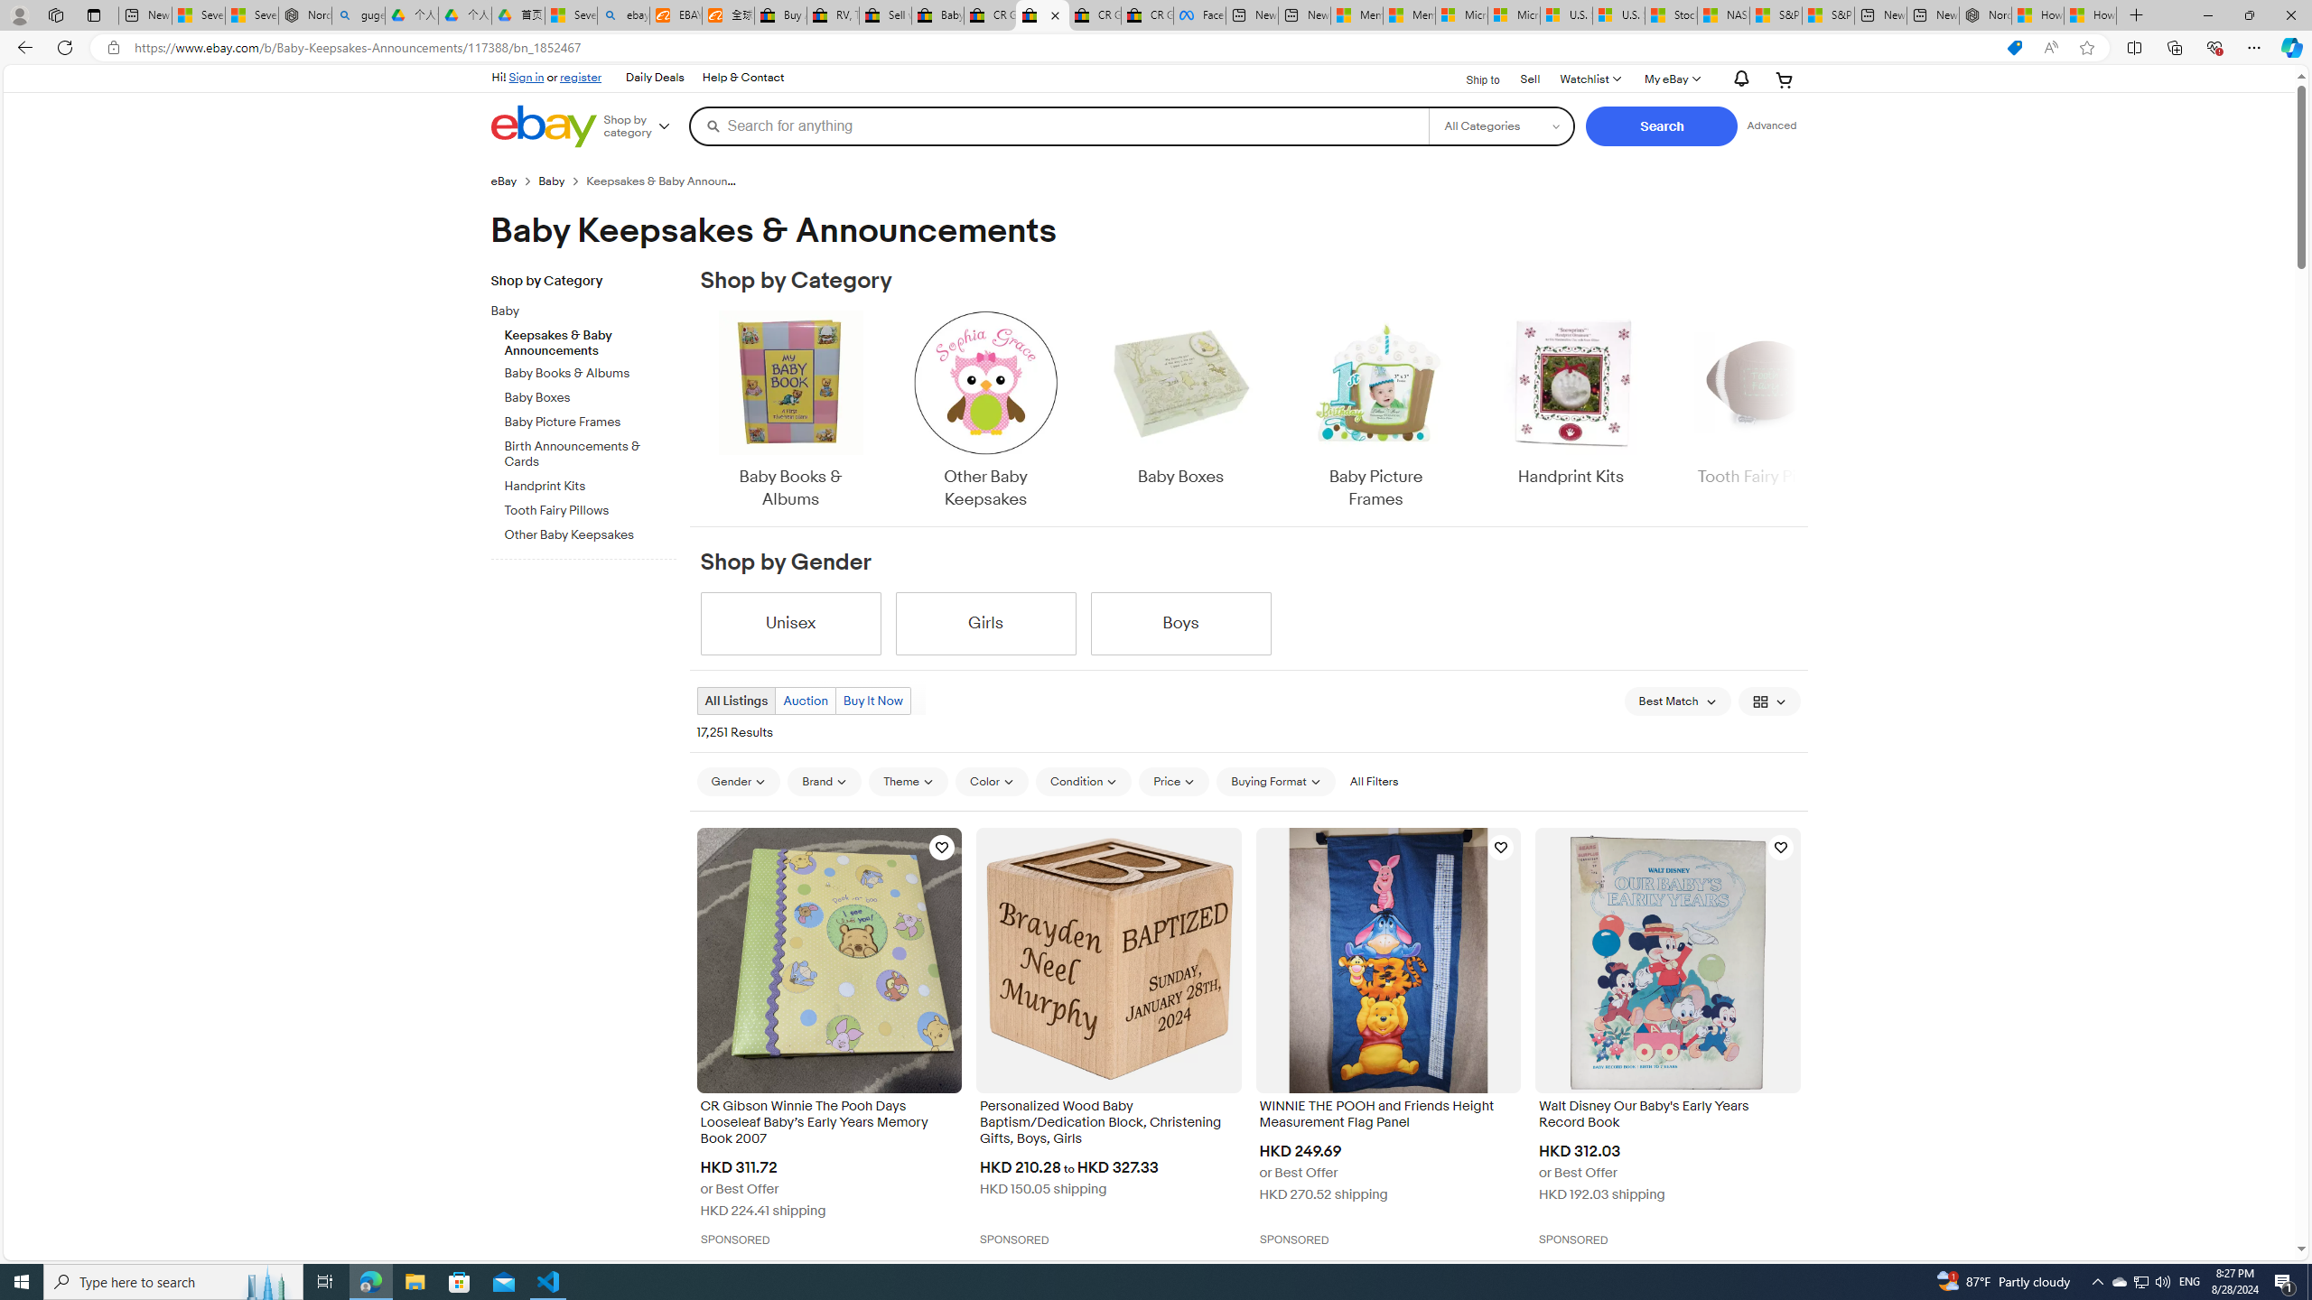  What do you see at coordinates (909, 781) in the screenshot?
I see `'Theme'` at bounding box center [909, 781].